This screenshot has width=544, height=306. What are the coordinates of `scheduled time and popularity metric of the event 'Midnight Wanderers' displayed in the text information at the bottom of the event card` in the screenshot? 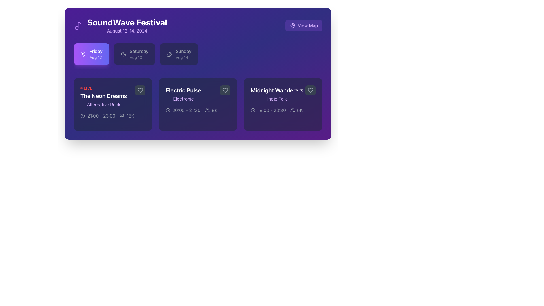 It's located at (283, 110).